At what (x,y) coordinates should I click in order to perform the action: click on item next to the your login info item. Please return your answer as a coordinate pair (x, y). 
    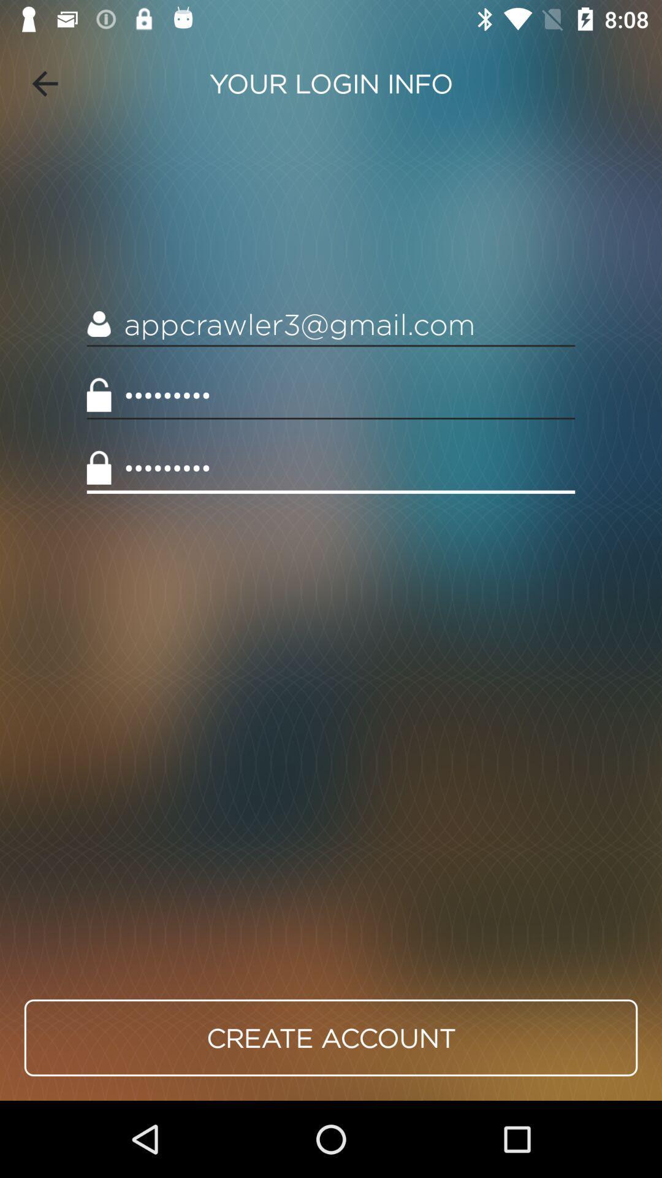
    Looking at the image, I should click on (44, 83).